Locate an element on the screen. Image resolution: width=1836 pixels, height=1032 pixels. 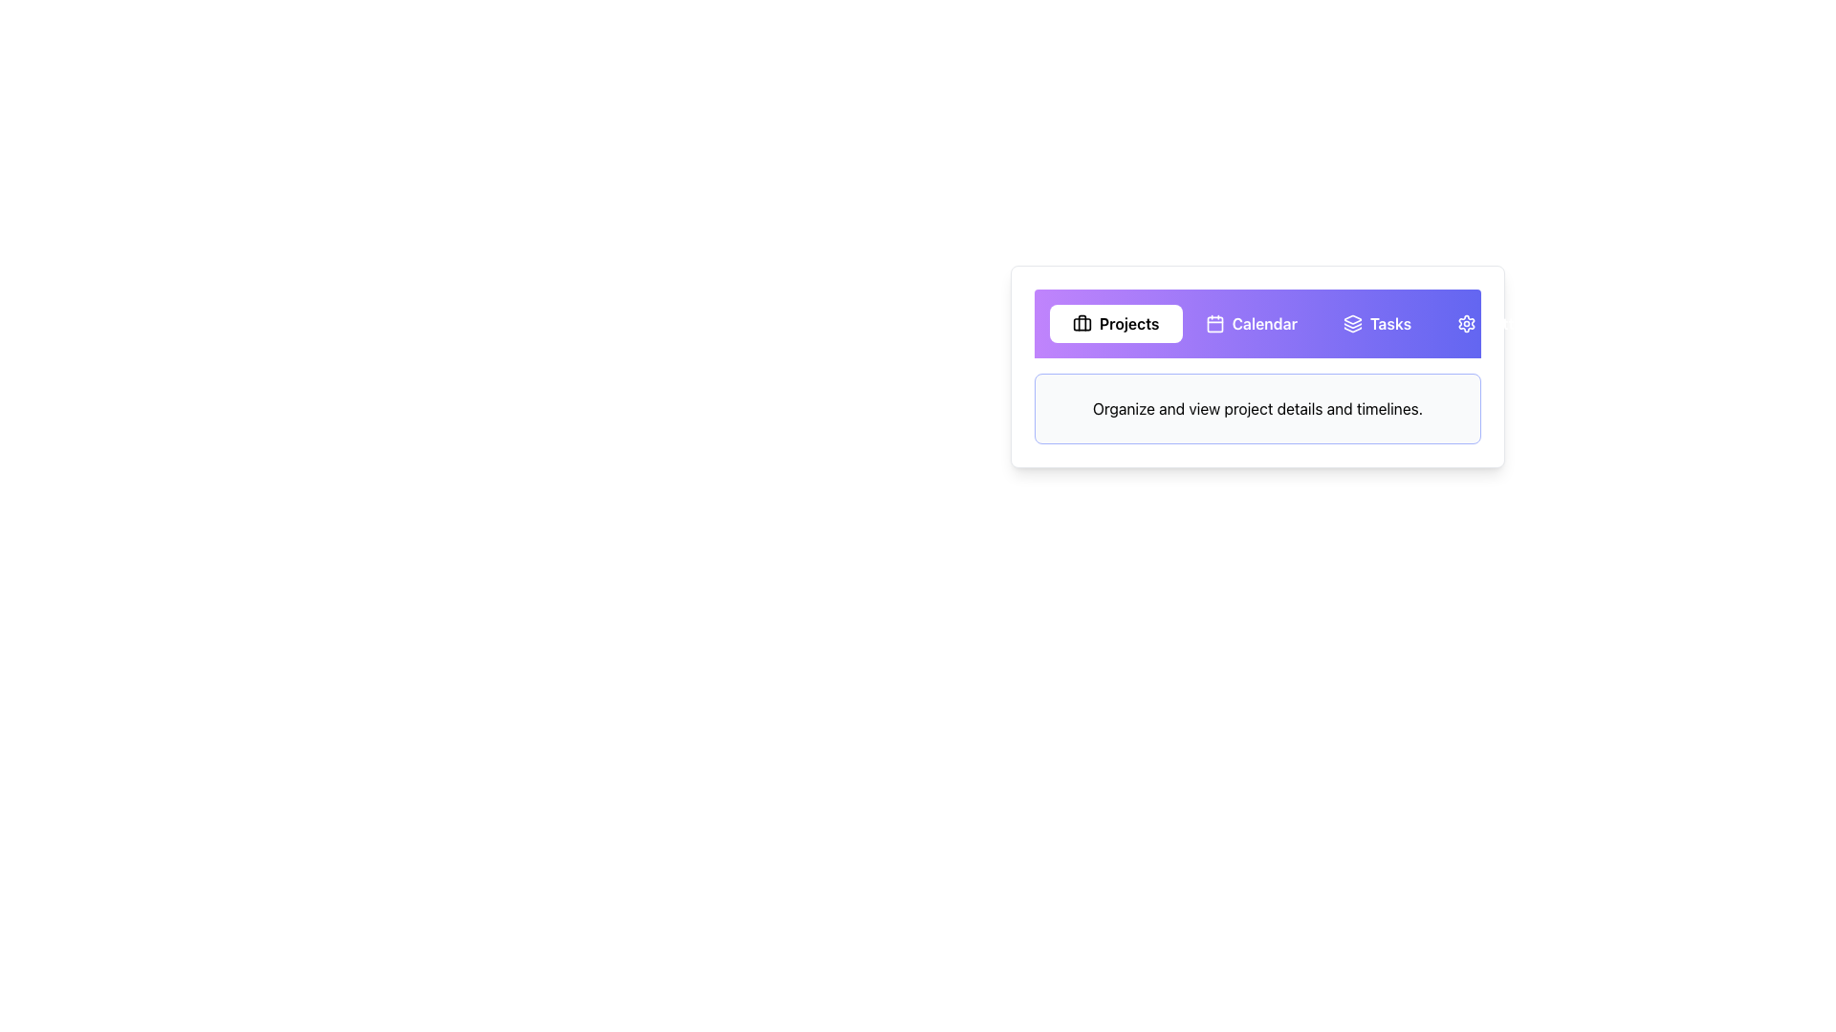
the 'Calendar' text label which is part of a navigation button in the navigation bar is located at coordinates (1264, 323).